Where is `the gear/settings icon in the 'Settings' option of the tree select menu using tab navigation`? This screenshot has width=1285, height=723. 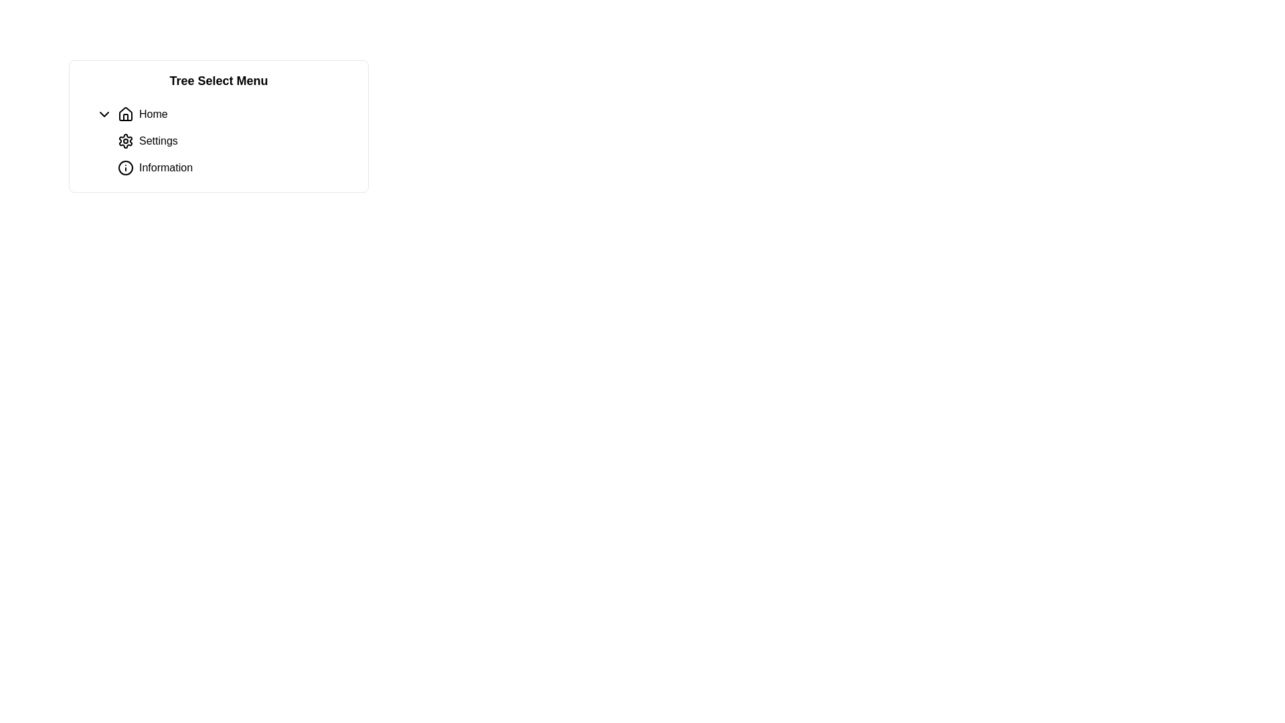 the gear/settings icon in the 'Settings' option of the tree select menu using tab navigation is located at coordinates (125, 141).